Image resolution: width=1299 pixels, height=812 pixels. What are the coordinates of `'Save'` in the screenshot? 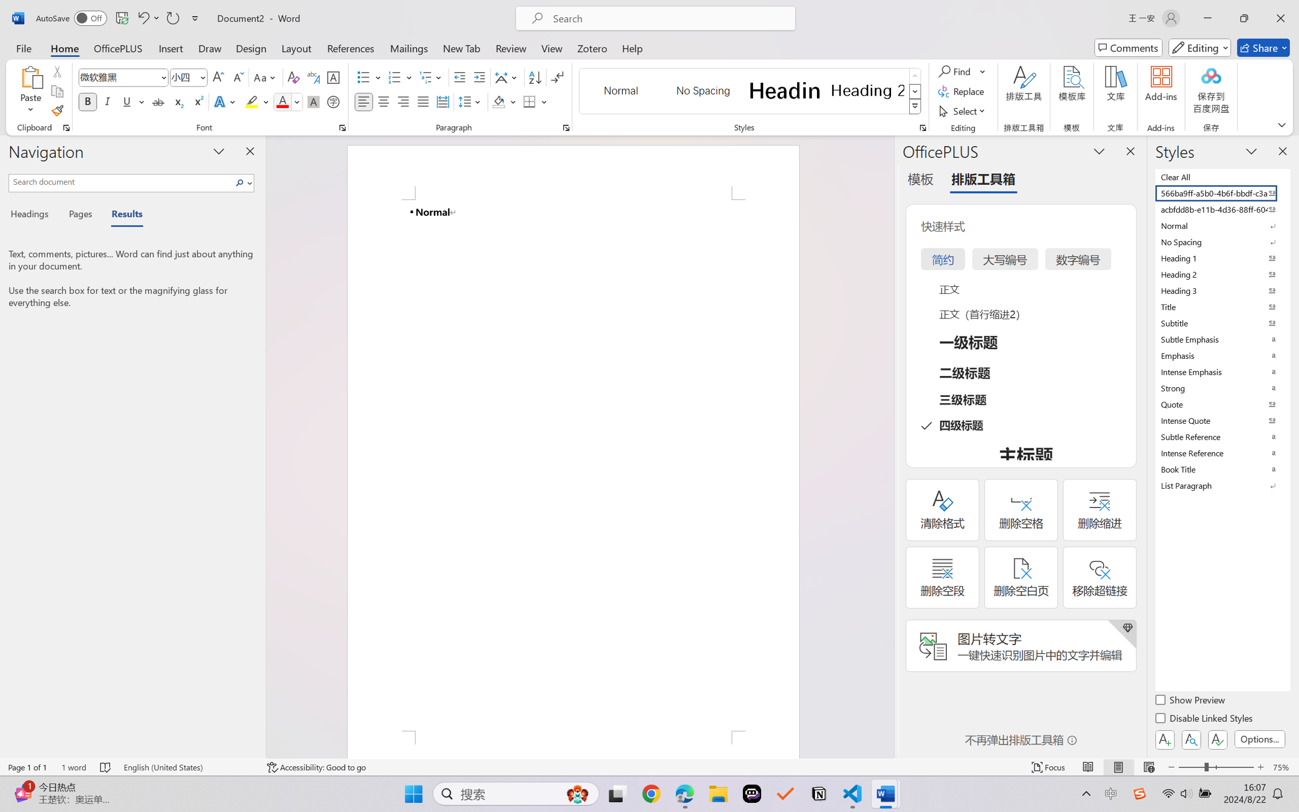 It's located at (121, 18).